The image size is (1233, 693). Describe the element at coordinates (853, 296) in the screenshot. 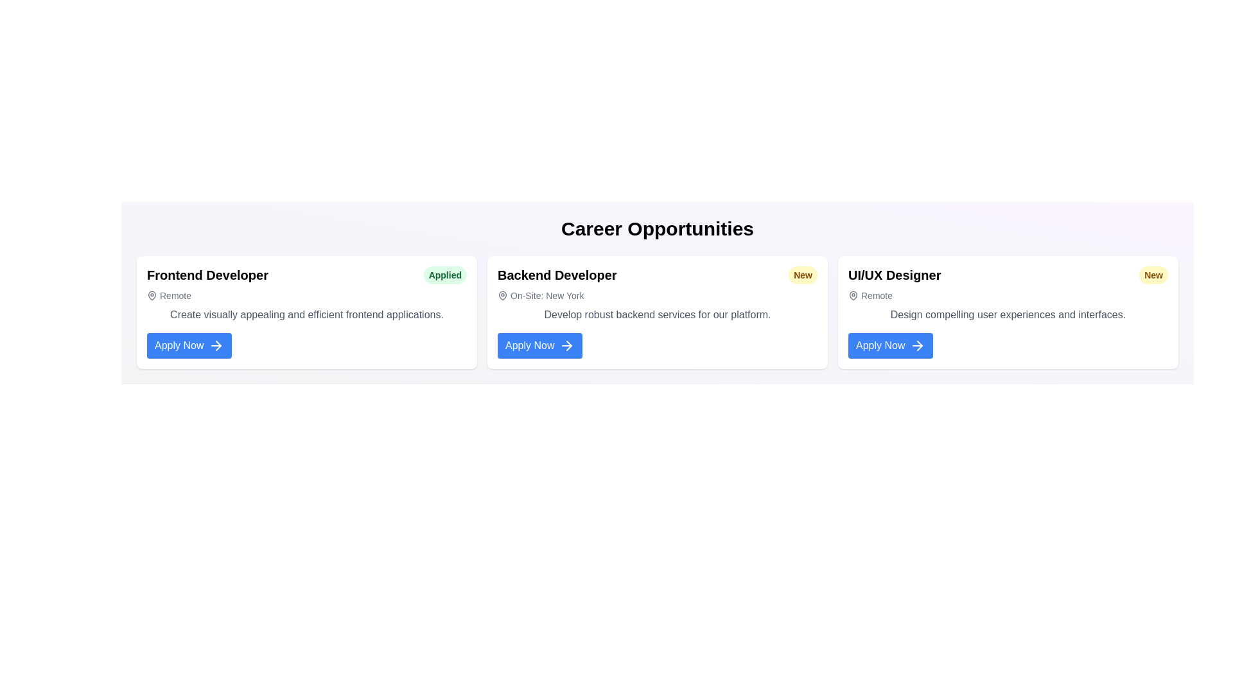

I see `the map pin icon located to the left of the text 'Remote' in the 'UI/UX Designer' job card` at that location.